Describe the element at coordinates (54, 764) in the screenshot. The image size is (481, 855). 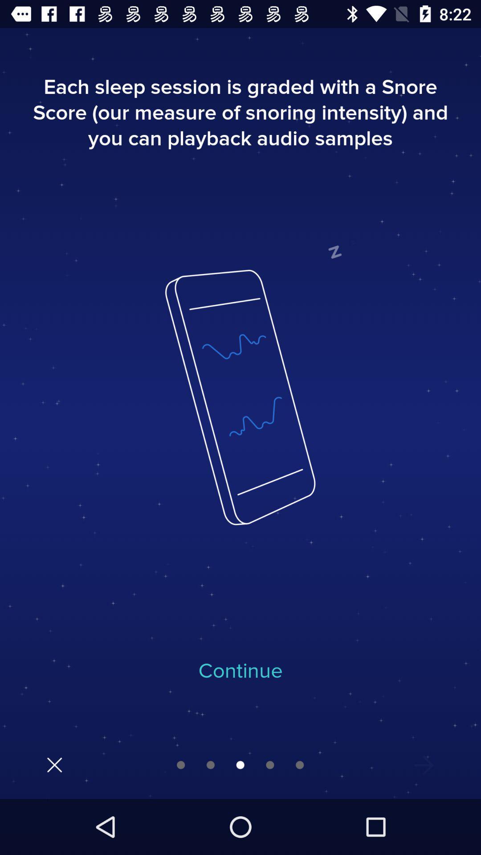
I see `click close option` at that location.